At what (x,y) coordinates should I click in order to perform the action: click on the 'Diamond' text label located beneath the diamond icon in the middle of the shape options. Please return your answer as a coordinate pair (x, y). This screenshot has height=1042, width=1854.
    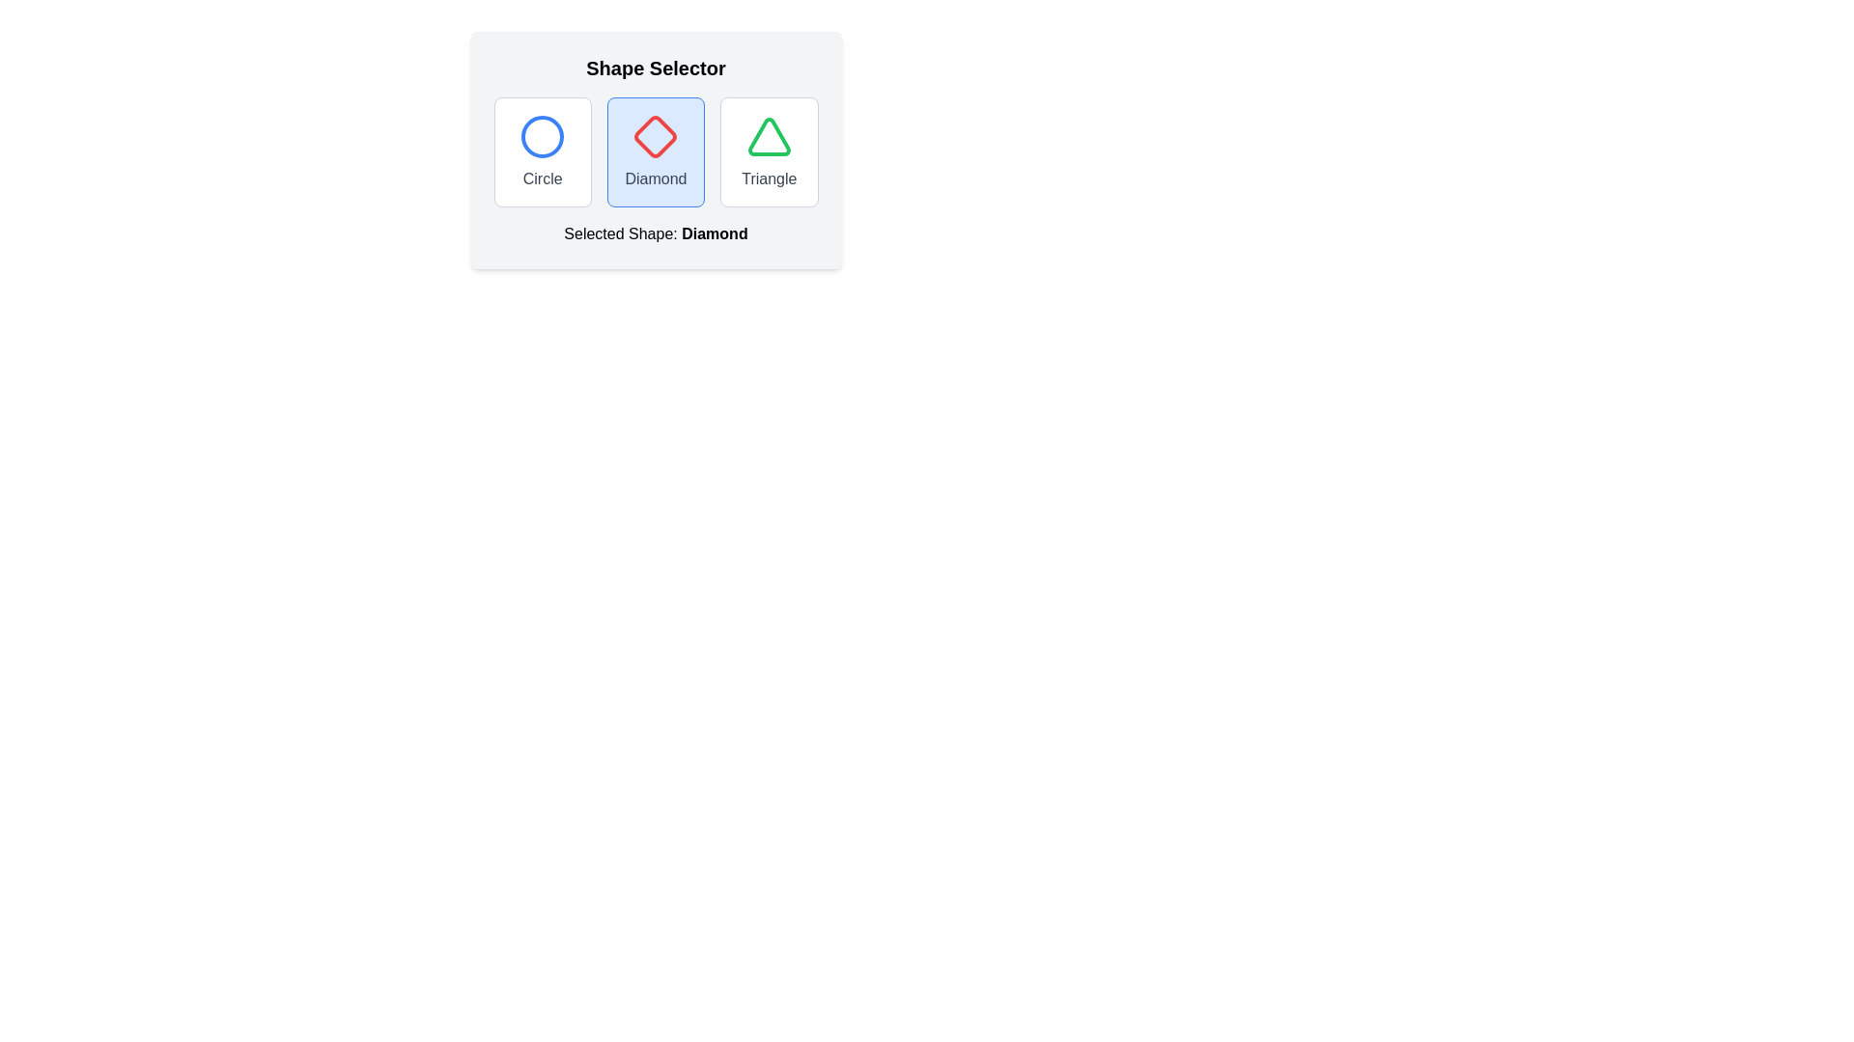
    Looking at the image, I should click on (656, 178).